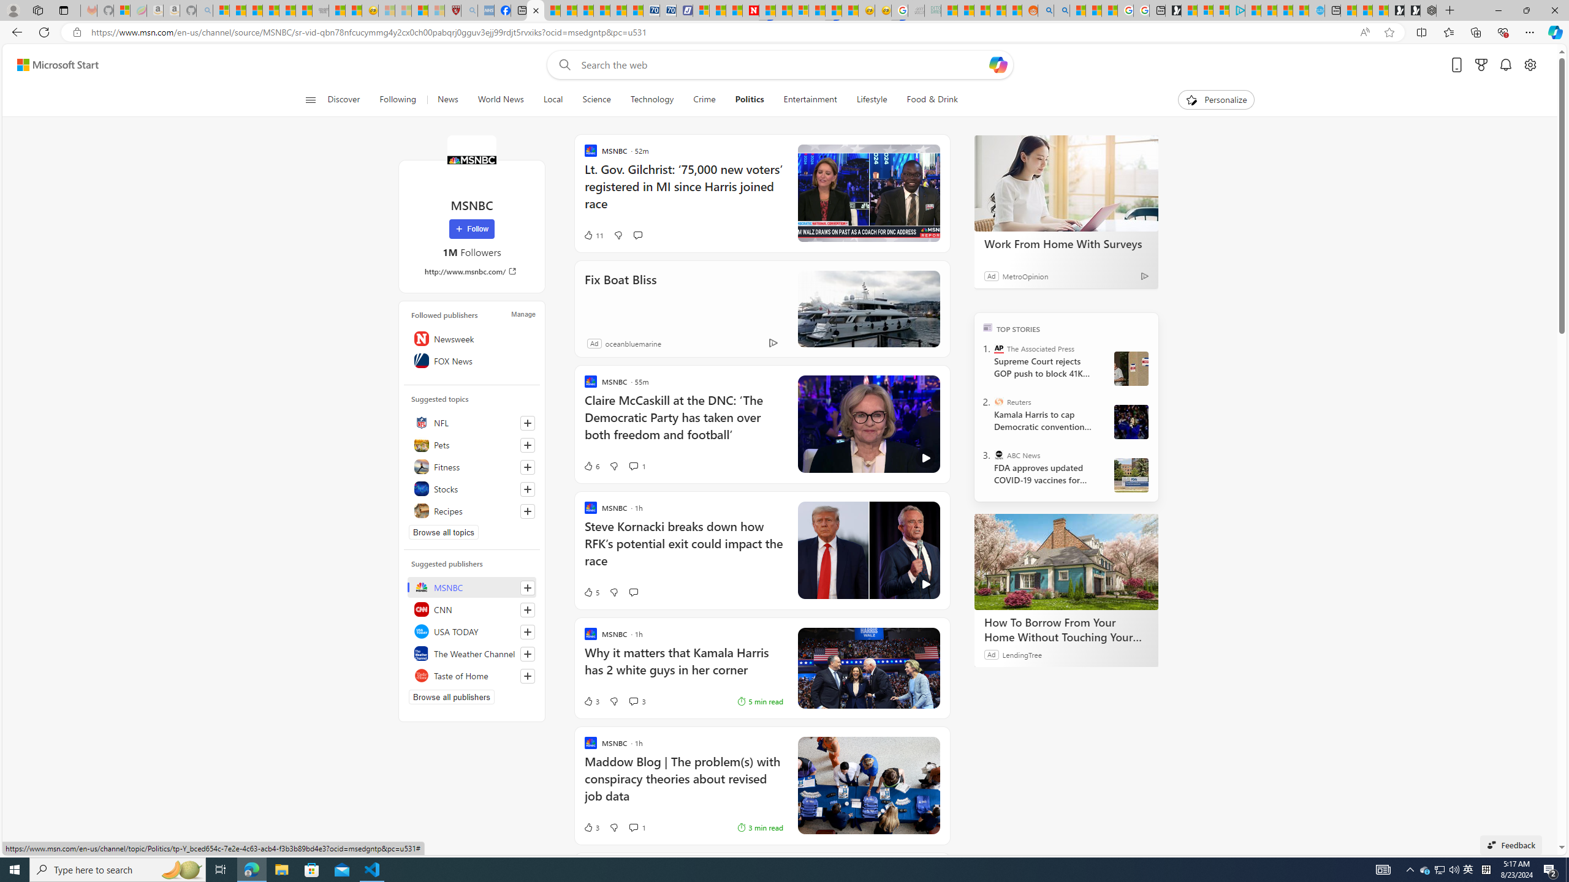 Image resolution: width=1569 pixels, height=882 pixels. Describe the element at coordinates (749, 99) in the screenshot. I see `'Politics'` at that location.